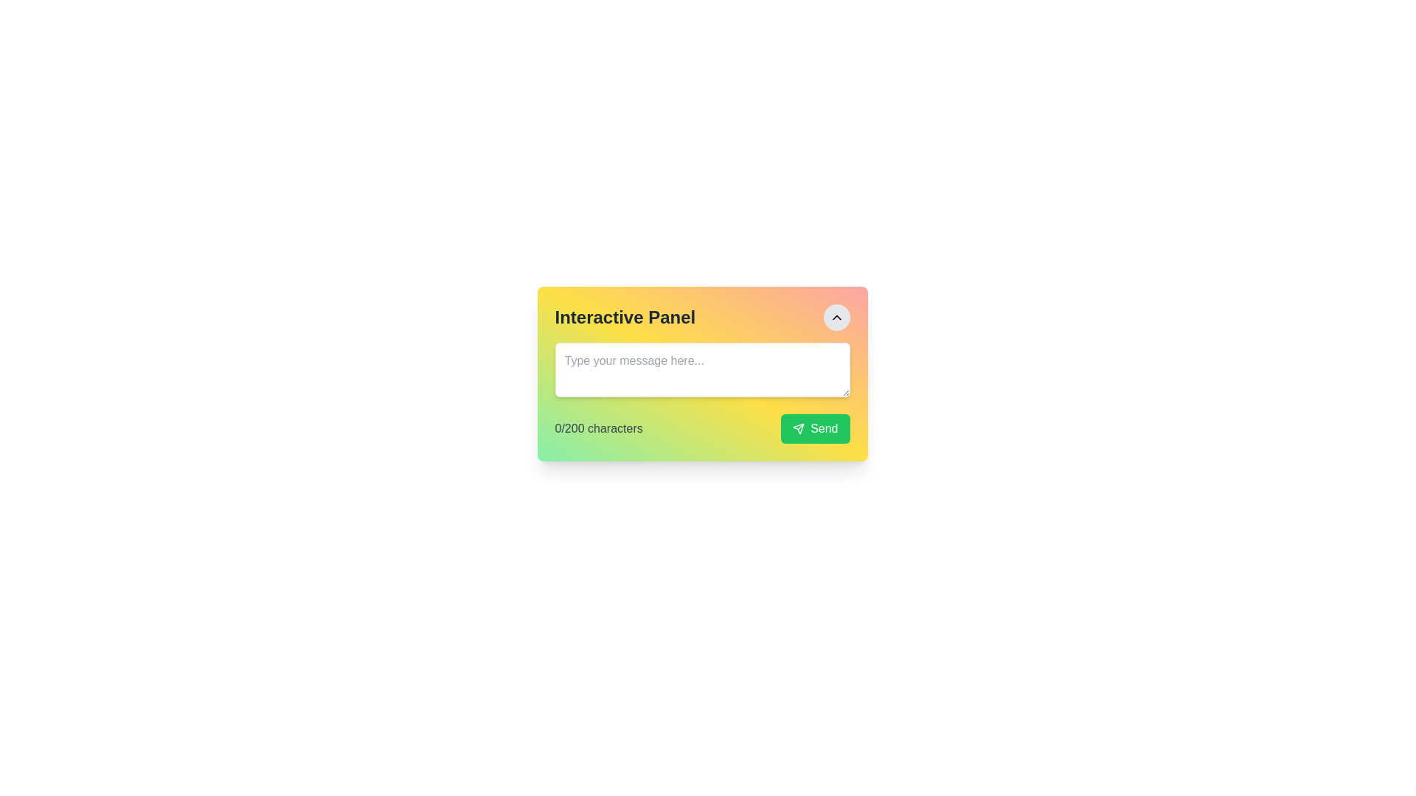  What do you see at coordinates (625, 317) in the screenshot?
I see `the bold, large black text label displaying 'Interactive Panel', located at the top-left corner of the gradient-colored card component` at bounding box center [625, 317].